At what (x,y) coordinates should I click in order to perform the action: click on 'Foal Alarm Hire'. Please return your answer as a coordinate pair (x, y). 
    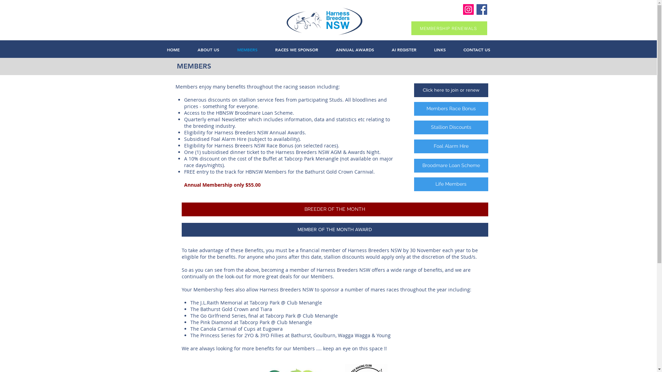
    Looking at the image, I should click on (451, 146).